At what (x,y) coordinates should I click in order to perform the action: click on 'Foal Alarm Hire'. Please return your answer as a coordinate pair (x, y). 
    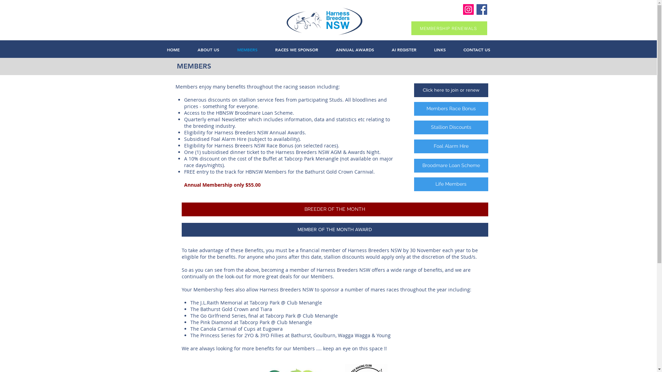
    Looking at the image, I should click on (451, 146).